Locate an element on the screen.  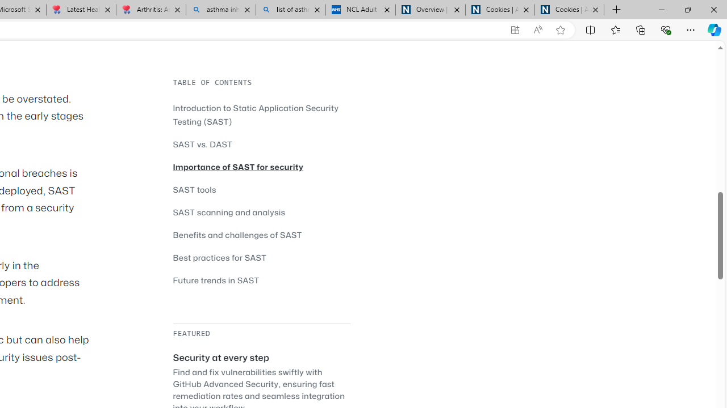
'Importance of SAST for security' is located at coordinates (261, 167).